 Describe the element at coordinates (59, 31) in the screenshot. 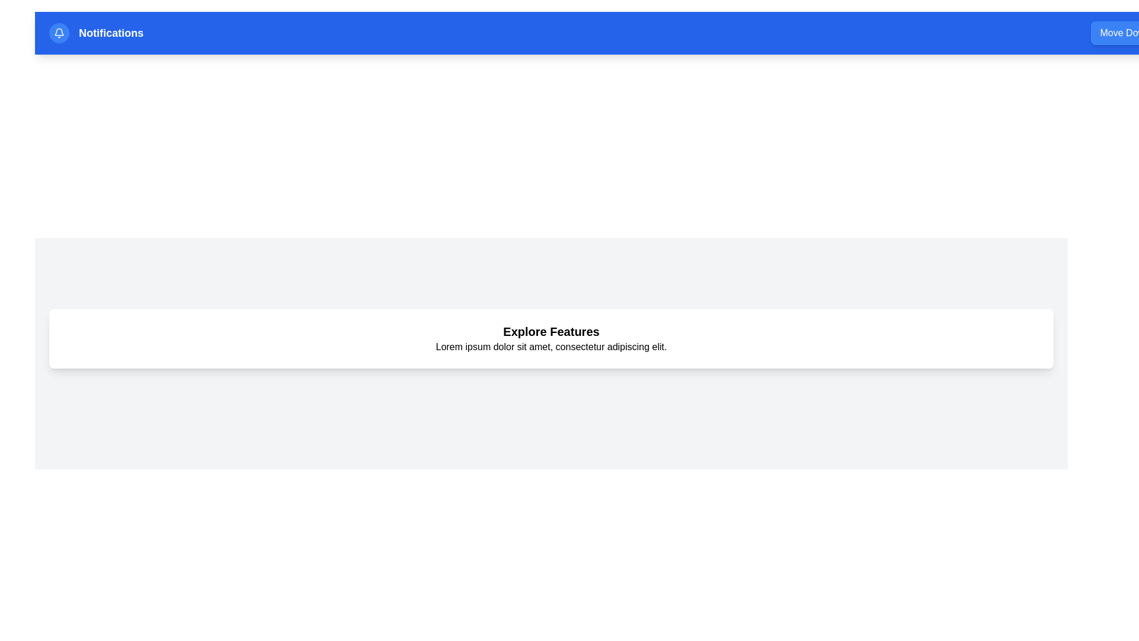

I see `the bell icon indicating notifications, located in the top-left corner of the blue header bar` at that location.